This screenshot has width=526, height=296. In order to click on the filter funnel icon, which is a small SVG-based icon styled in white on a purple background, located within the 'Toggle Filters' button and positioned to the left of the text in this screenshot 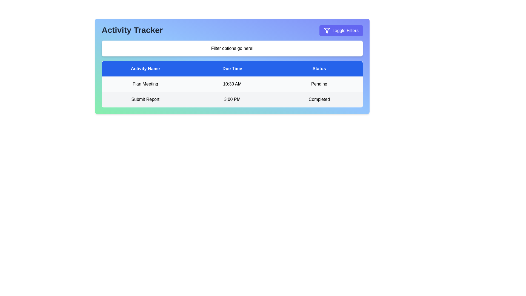, I will do `click(327, 30)`.